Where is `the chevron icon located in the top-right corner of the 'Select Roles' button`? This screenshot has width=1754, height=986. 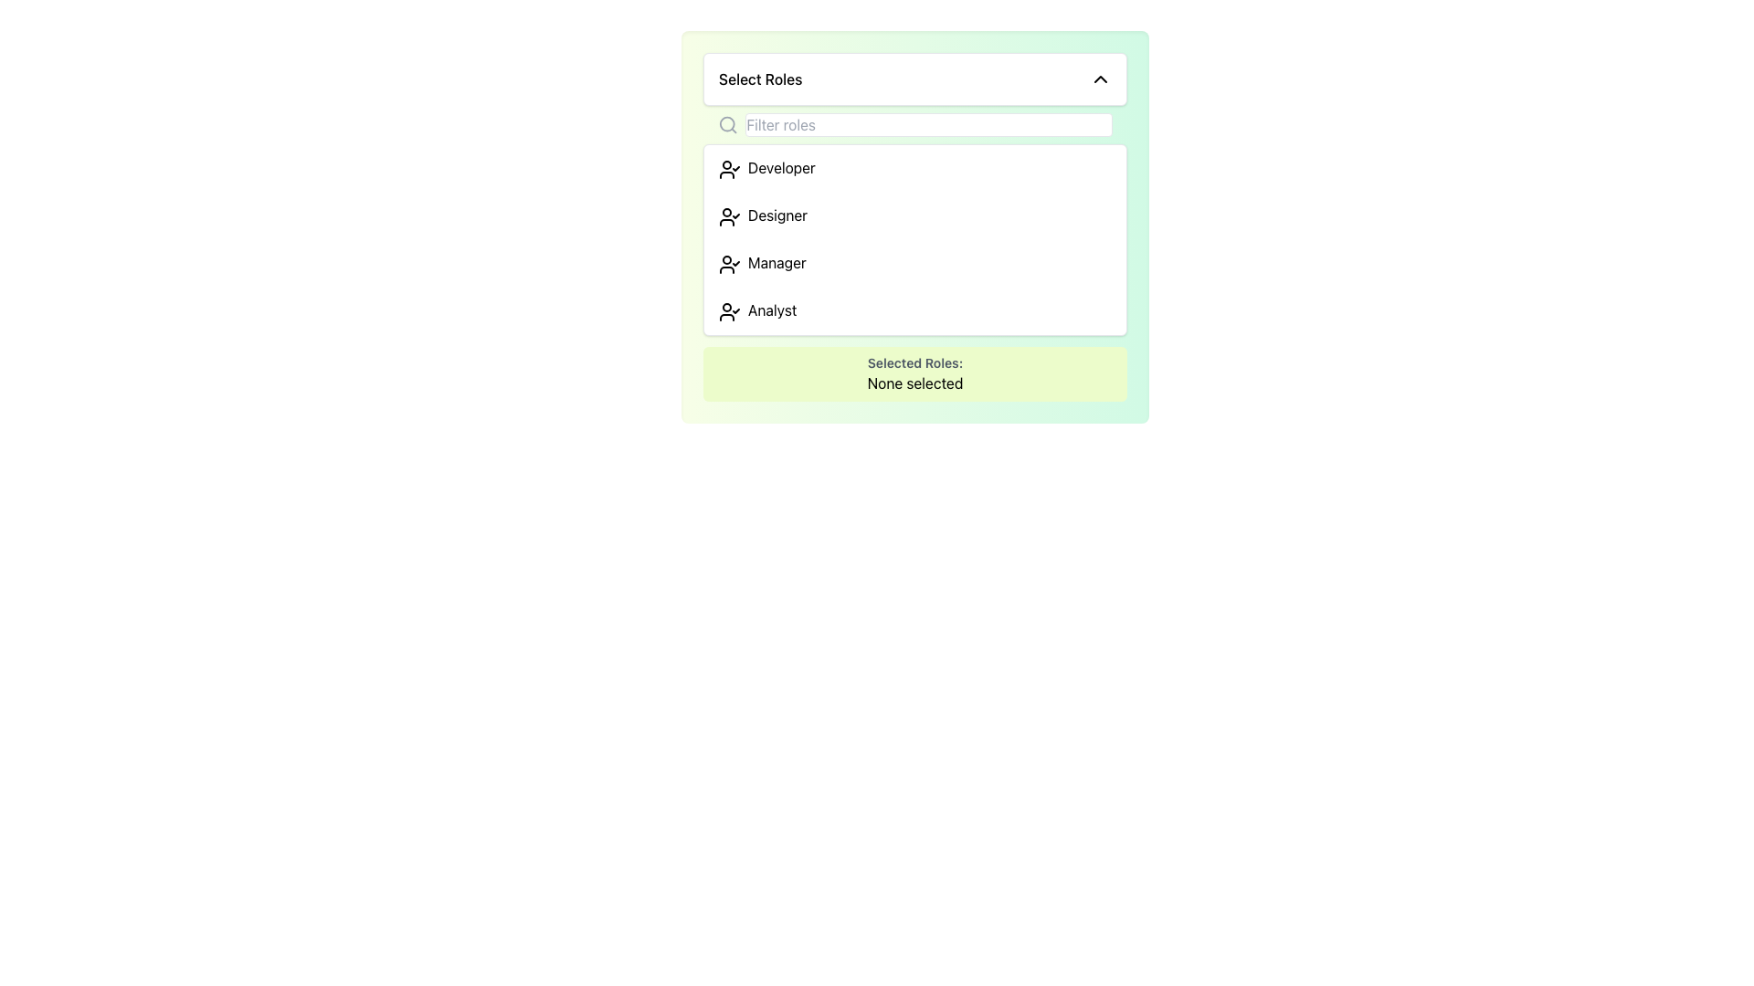 the chevron icon located in the top-right corner of the 'Select Roles' button is located at coordinates (1099, 79).